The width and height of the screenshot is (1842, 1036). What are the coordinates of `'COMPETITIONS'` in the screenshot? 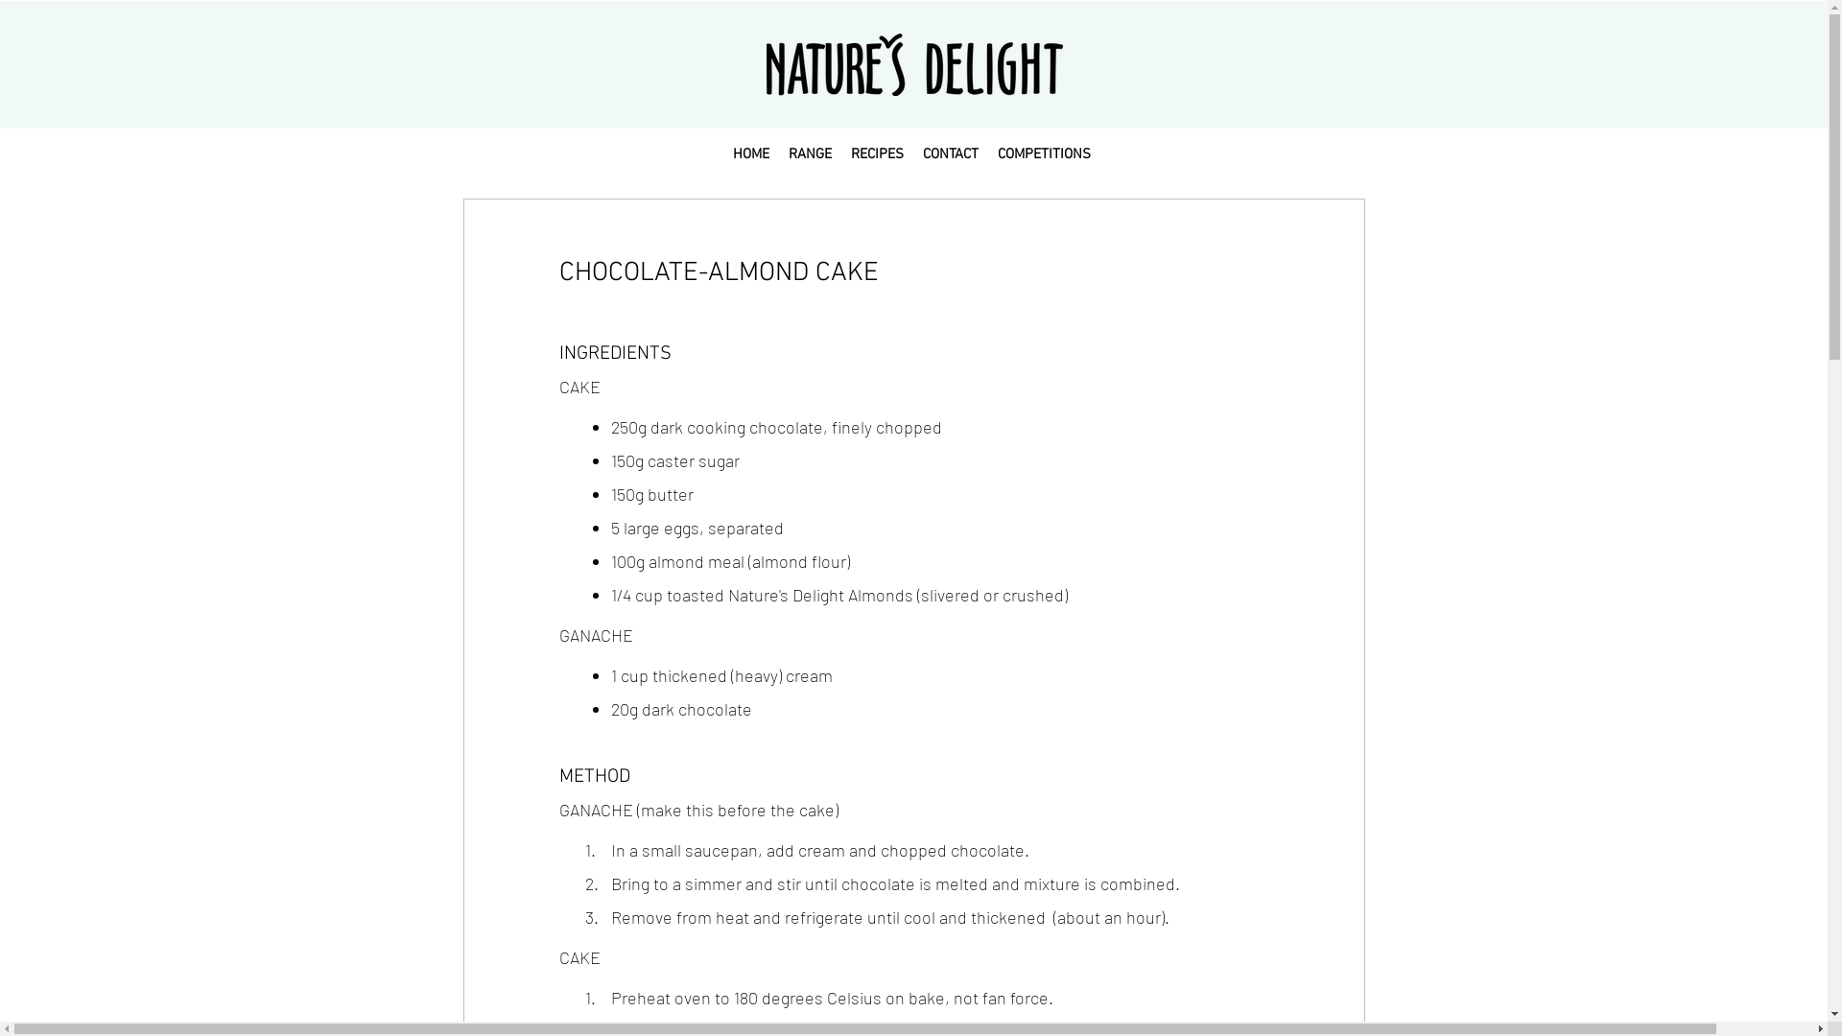 It's located at (1043, 153).